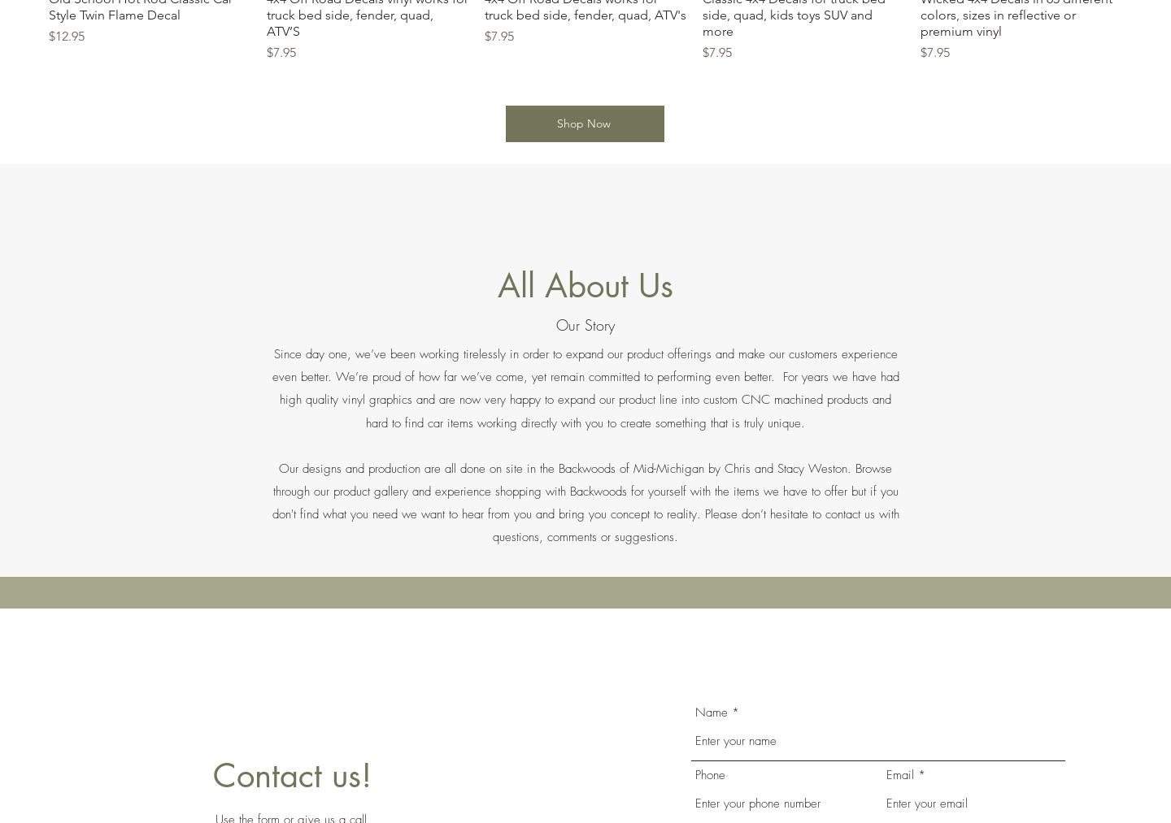 The width and height of the screenshot is (1171, 823). I want to click on 'Since day one, we’ve been working tirelessly in order to expand our product offerings and make our customers experience even better. We’re proud of how far we’ve come, yet remain committed to performing even better.  For years we have had high quality vinyl graphics and are now very happy to expand our product line into custom CNC machined products and hard to find car items working directly with you to create something that is truly unique.', so click(585, 388).